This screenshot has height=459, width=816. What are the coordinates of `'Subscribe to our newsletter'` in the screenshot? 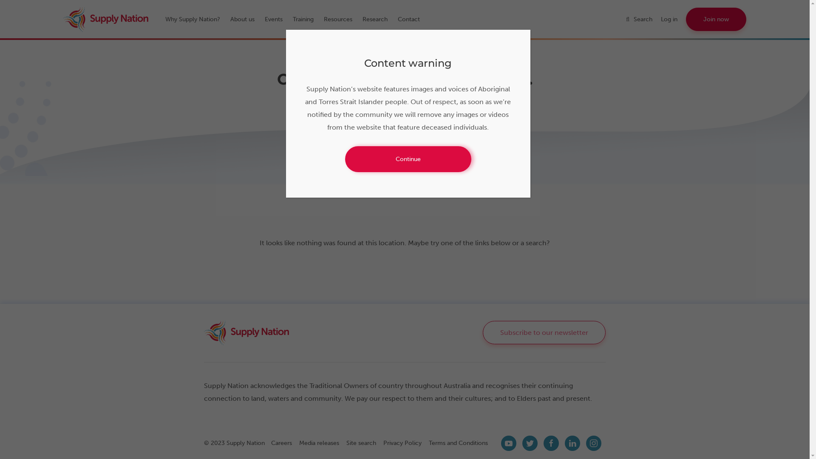 It's located at (544, 332).